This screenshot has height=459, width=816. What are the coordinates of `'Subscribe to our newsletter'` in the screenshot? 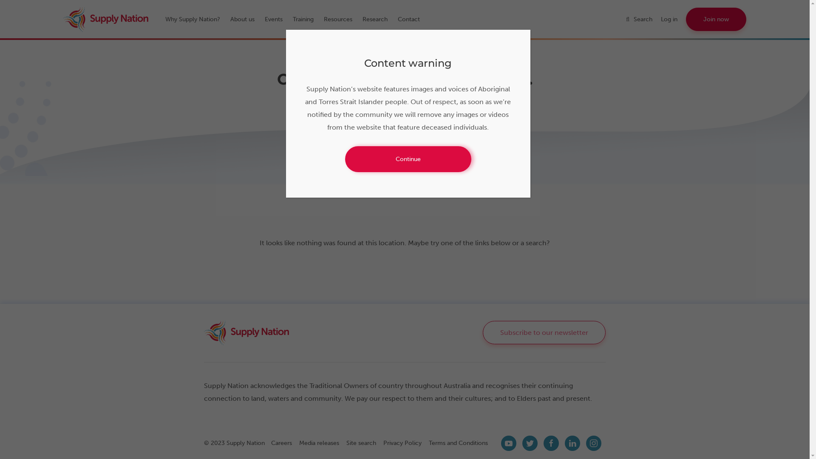 It's located at (544, 332).